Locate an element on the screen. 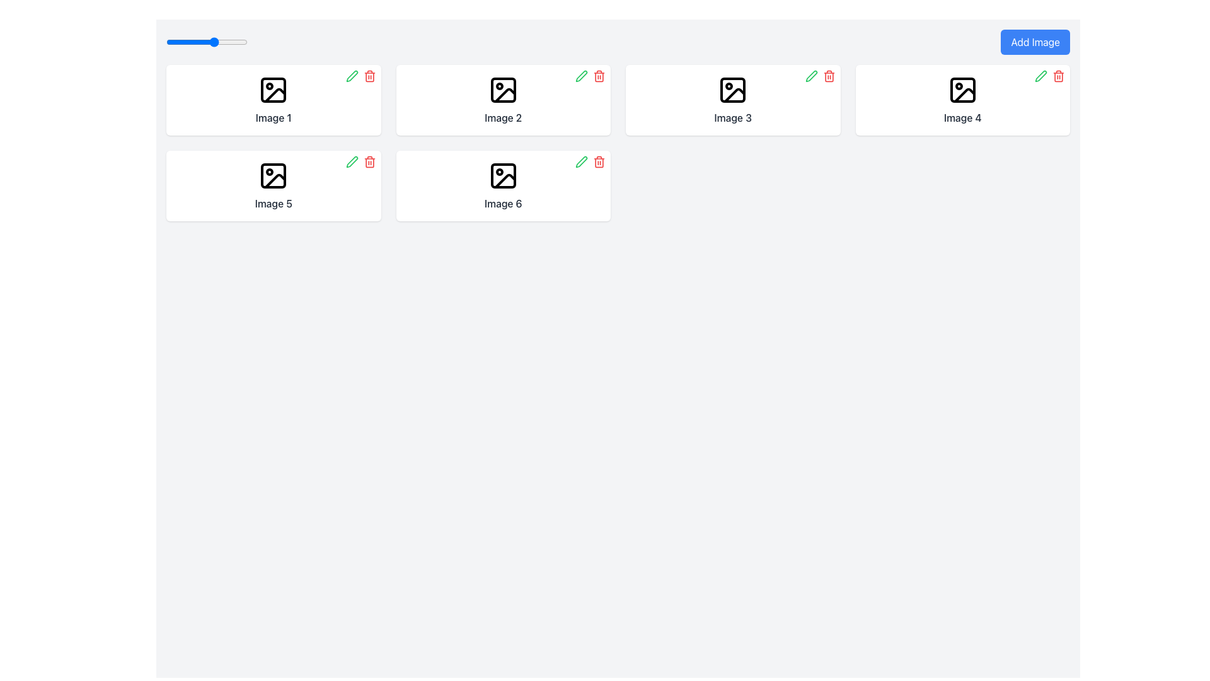  the delete icon in the horizontal icon group for the image item labeled 'Image 3' is located at coordinates (820, 76).